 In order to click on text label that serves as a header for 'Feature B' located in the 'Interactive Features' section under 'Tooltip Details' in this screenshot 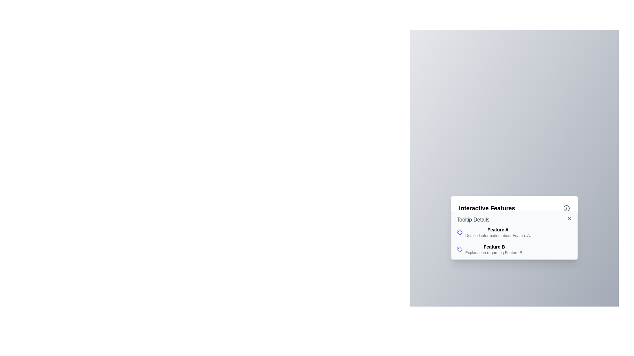, I will do `click(494, 247)`.